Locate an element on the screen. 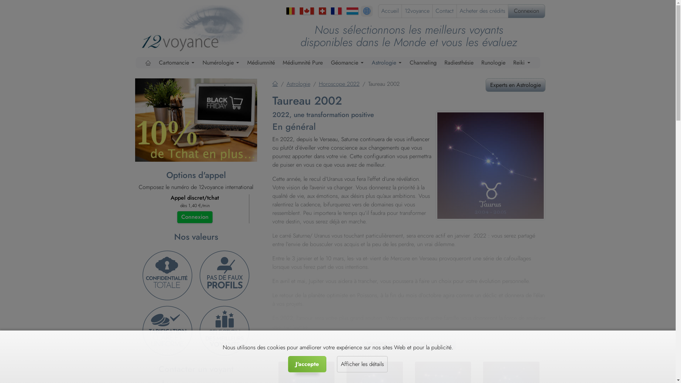 The image size is (681, 383). 'Runologie' is located at coordinates (493, 62).